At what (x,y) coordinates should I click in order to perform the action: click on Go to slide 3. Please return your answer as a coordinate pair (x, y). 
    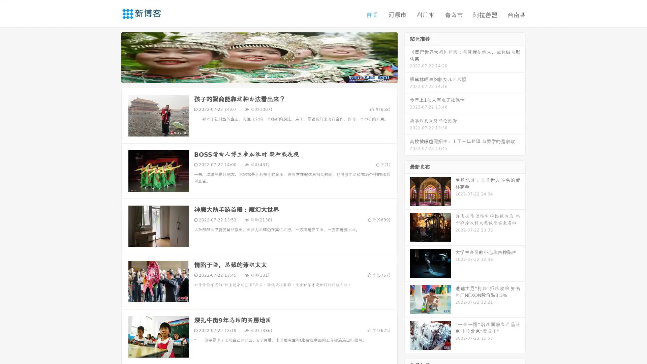
    Looking at the image, I should click on (266, 76).